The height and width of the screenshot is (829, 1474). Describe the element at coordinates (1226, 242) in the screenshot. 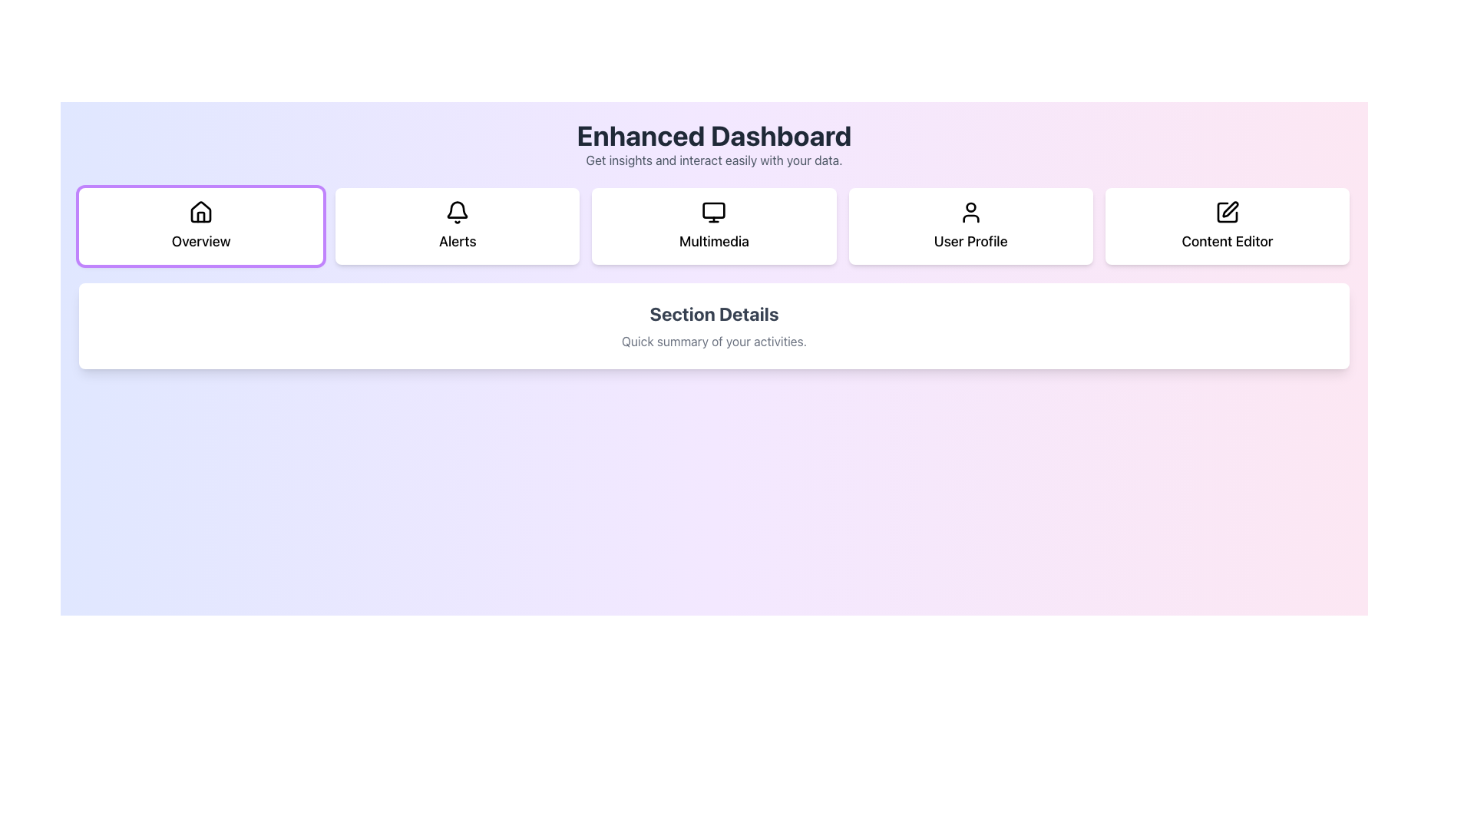

I see `the text label reading 'Content Editor'` at that location.